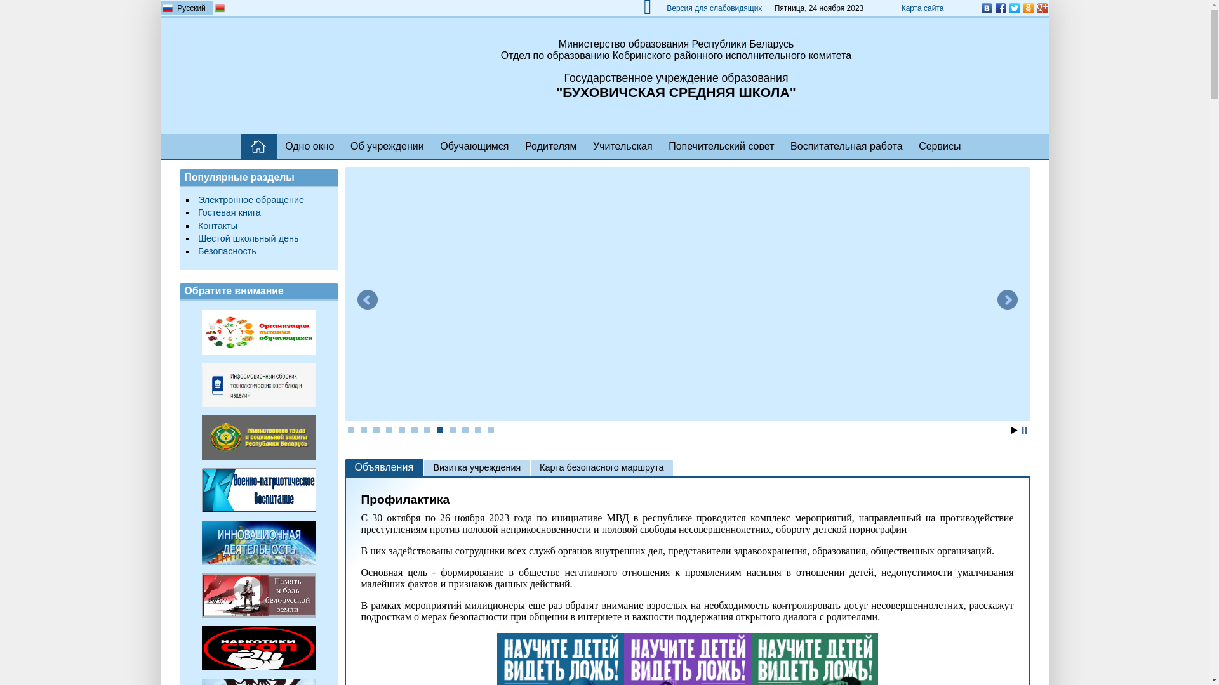 This screenshot has height=685, width=1219. What do you see at coordinates (401, 429) in the screenshot?
I see `'5'` at bounding box center [401, 429].